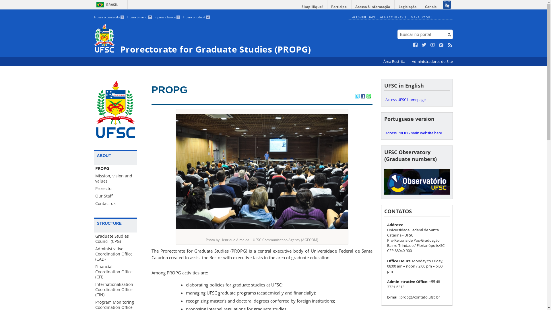 The width and height of the screenshot is (551, 310). Describe the element at coordinates (115, 239) in the screenshot. I see `'Graduate Studies Council (CPG)'` at that location.